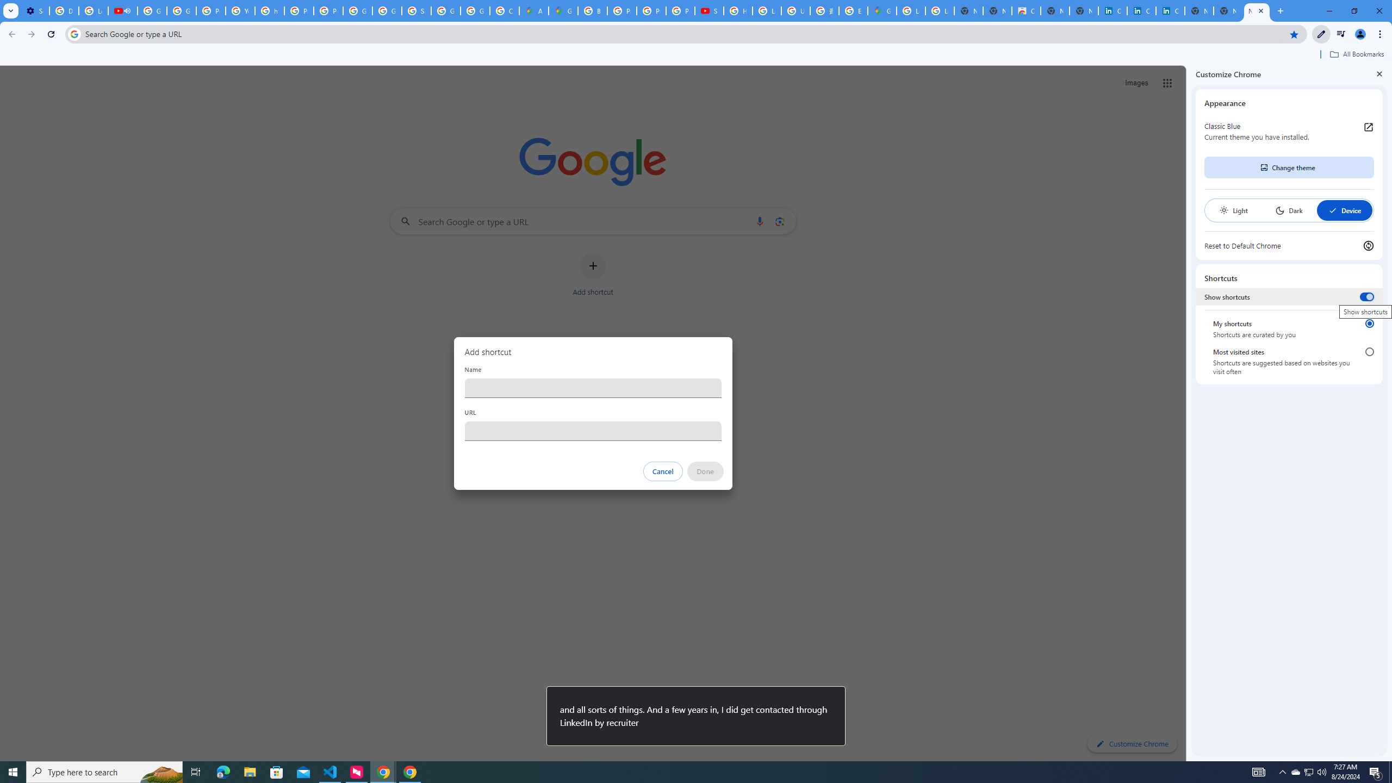  I want to click on 'Privacy Help Center - Policies Help', so click(622, 10).